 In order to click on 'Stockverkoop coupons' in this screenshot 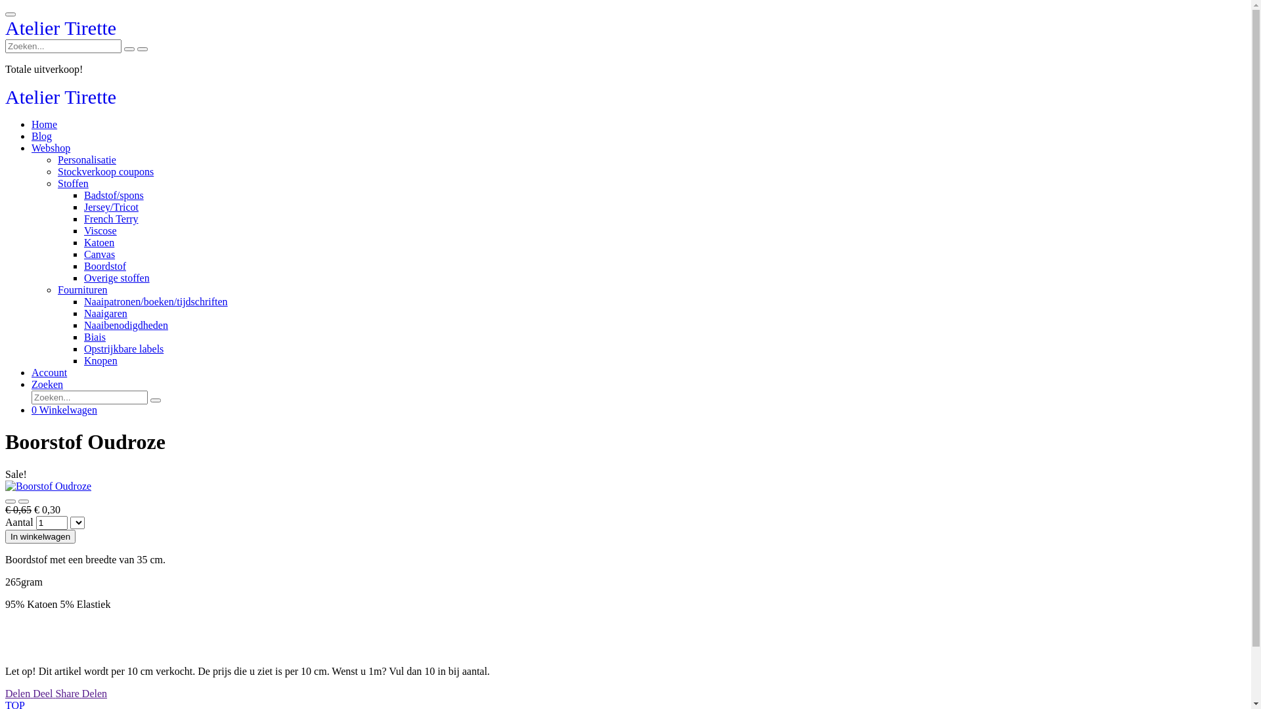, I will do `click(106, 171)`.